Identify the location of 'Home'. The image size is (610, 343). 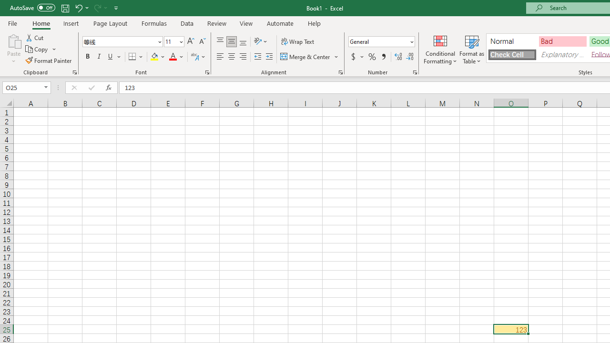
(41, 23).